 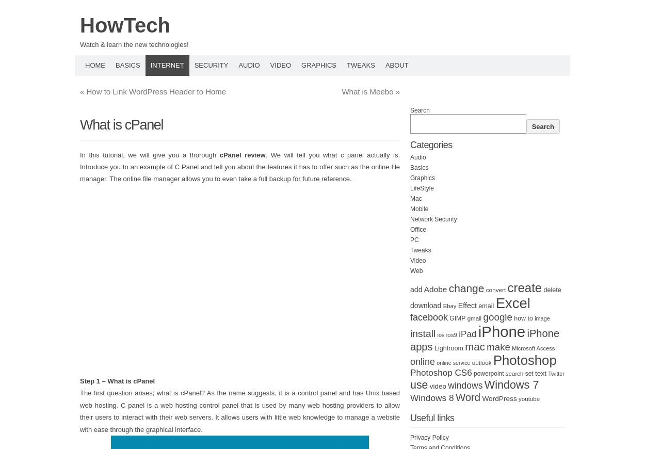 I want to click on 'Word', so click(x=467, y=397).